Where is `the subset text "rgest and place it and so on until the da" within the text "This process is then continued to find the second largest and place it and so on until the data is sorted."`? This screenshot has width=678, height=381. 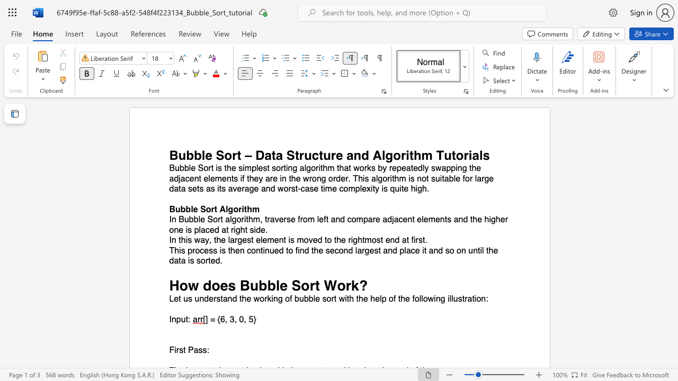
the subset text "rgest and place it and so on until the da" within the text "This process is then continued to find the second largest and place it and so on until the data is sorted." is located at coordinates (362, 250).